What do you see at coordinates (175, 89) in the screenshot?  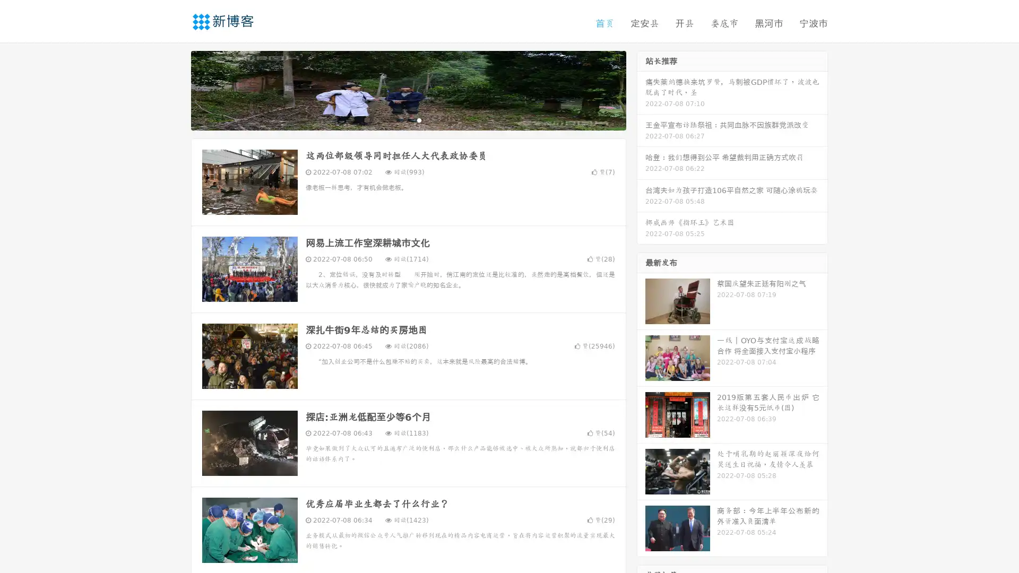 I see `Previous slide` at bounding box center [175, 89].